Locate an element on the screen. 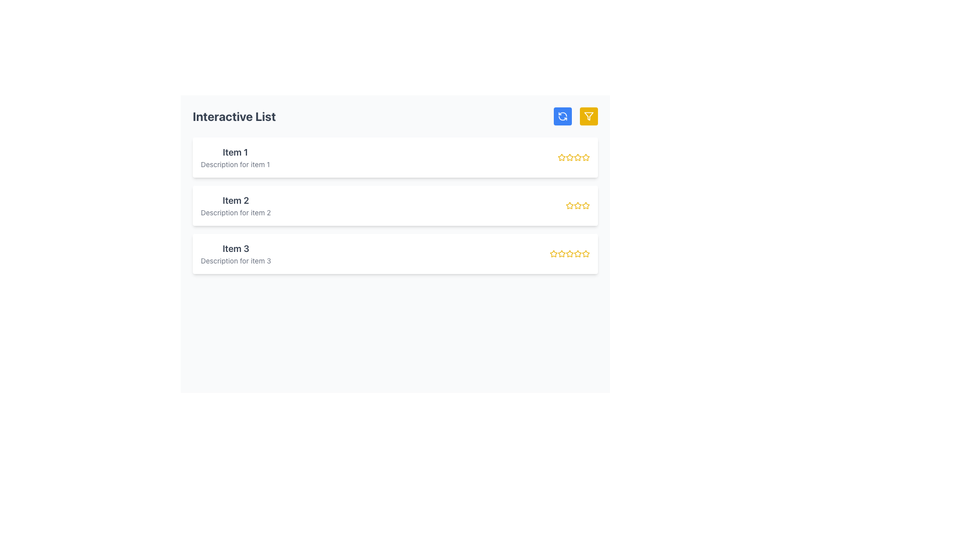 This screenshot has width=964, height=542. the last star icon in a group of five stars used for rating, located on the right side of the first item's row in the list is located at coordinates (585, 157).